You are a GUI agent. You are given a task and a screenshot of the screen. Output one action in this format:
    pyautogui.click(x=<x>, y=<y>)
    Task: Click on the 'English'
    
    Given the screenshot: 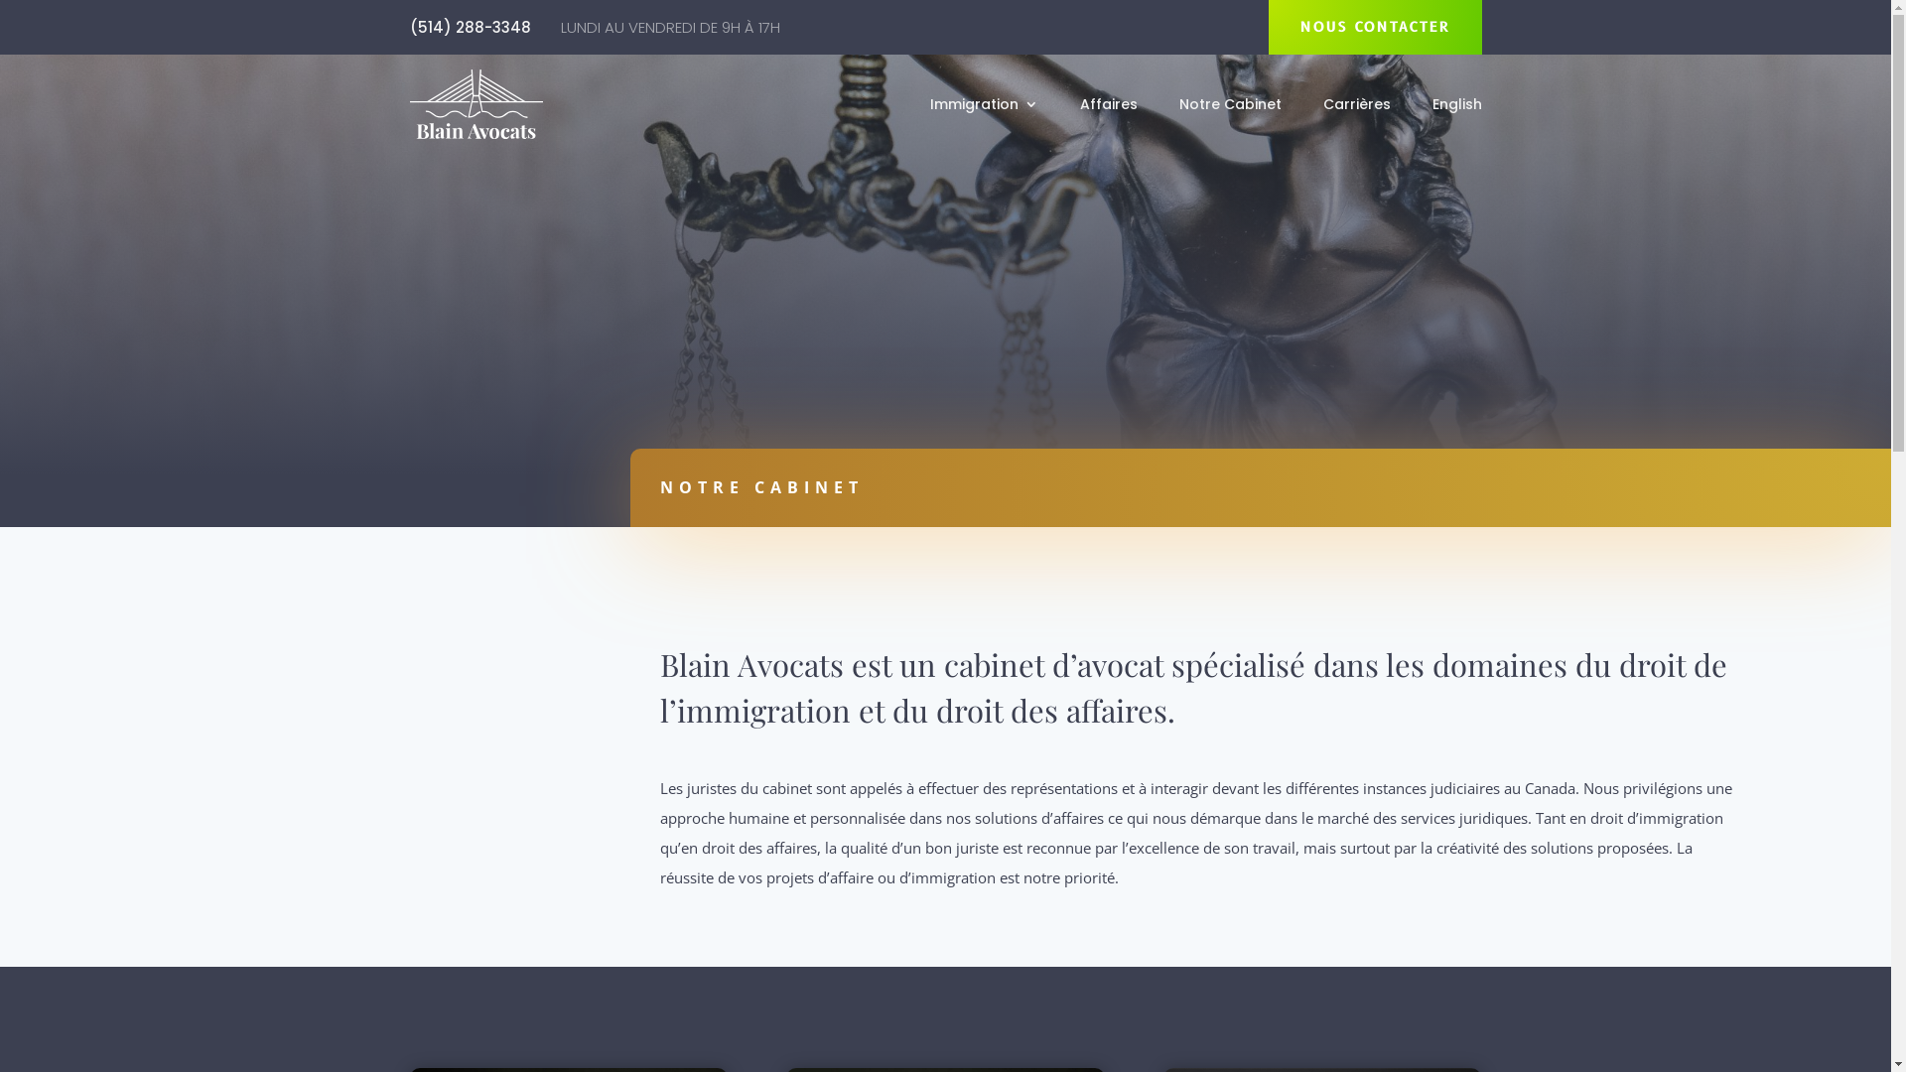 What is the action you would take?
    pyautogui.click(x=1430, y=107)
    